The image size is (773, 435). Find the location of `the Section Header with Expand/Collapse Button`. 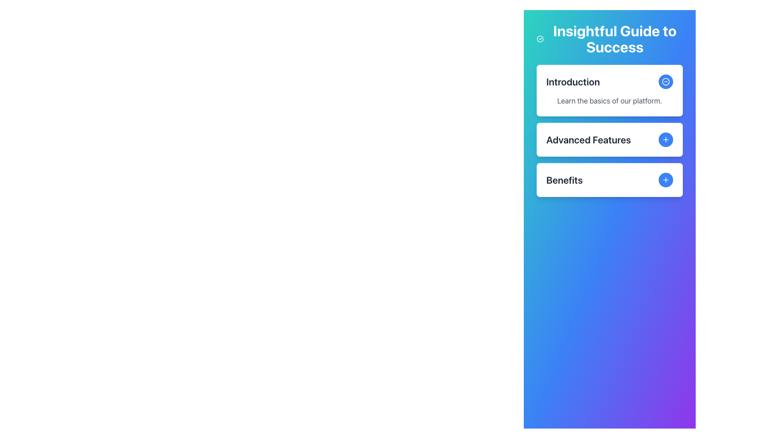

the Section Header with Expand/Collapse Button is located at coordinates (610, 139).